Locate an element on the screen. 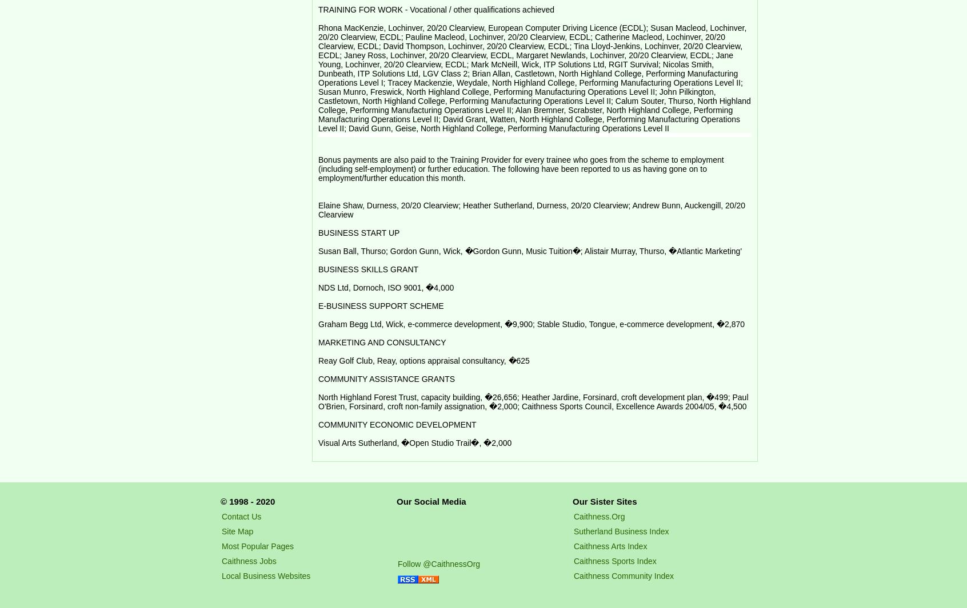  'Most Popular Pages' is located at coordinates (257, 546).